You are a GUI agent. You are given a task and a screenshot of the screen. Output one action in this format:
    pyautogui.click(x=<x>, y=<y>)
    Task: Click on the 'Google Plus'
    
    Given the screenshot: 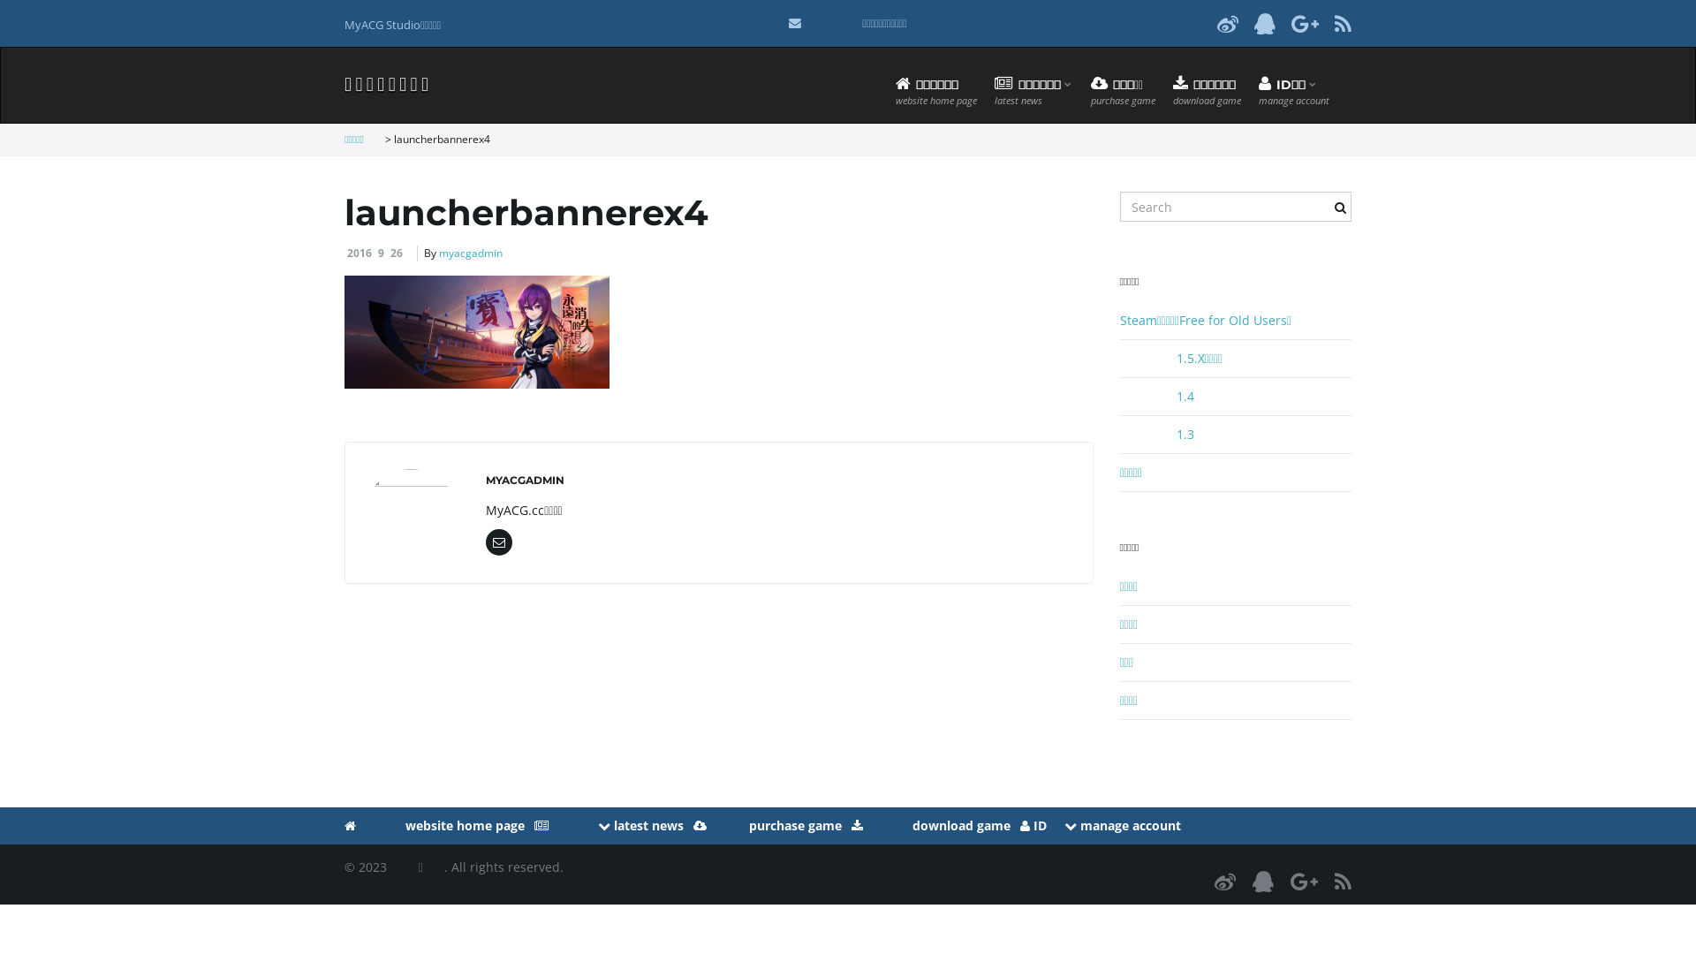 What is the action you would take?
    pyautogui.click(x=1291, y=23)
    